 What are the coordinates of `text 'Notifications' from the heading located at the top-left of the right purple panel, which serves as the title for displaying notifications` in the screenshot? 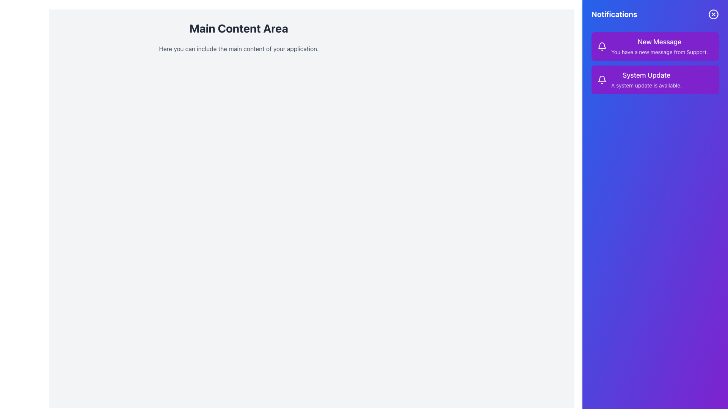 It's located at (614, 14).